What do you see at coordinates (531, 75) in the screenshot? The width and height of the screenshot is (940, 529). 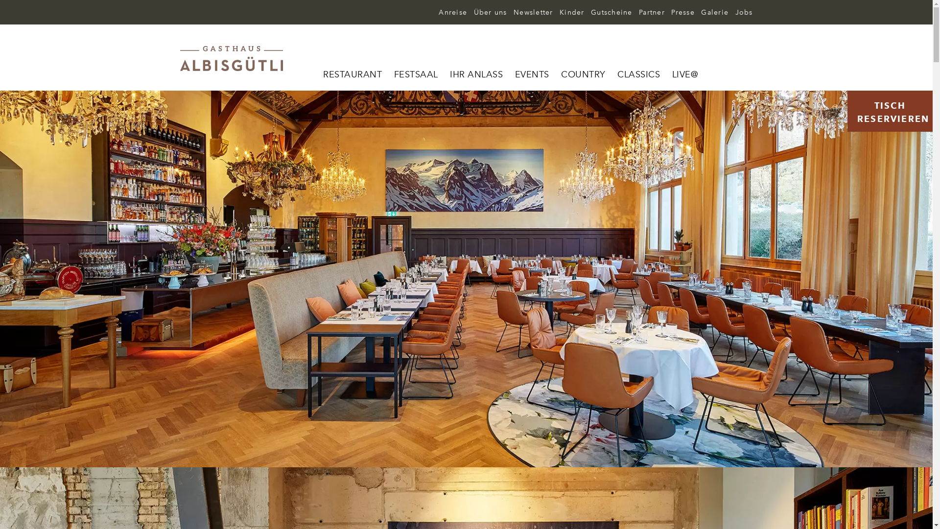 I see `'EVENTS'` at bounding box center [531, 75].